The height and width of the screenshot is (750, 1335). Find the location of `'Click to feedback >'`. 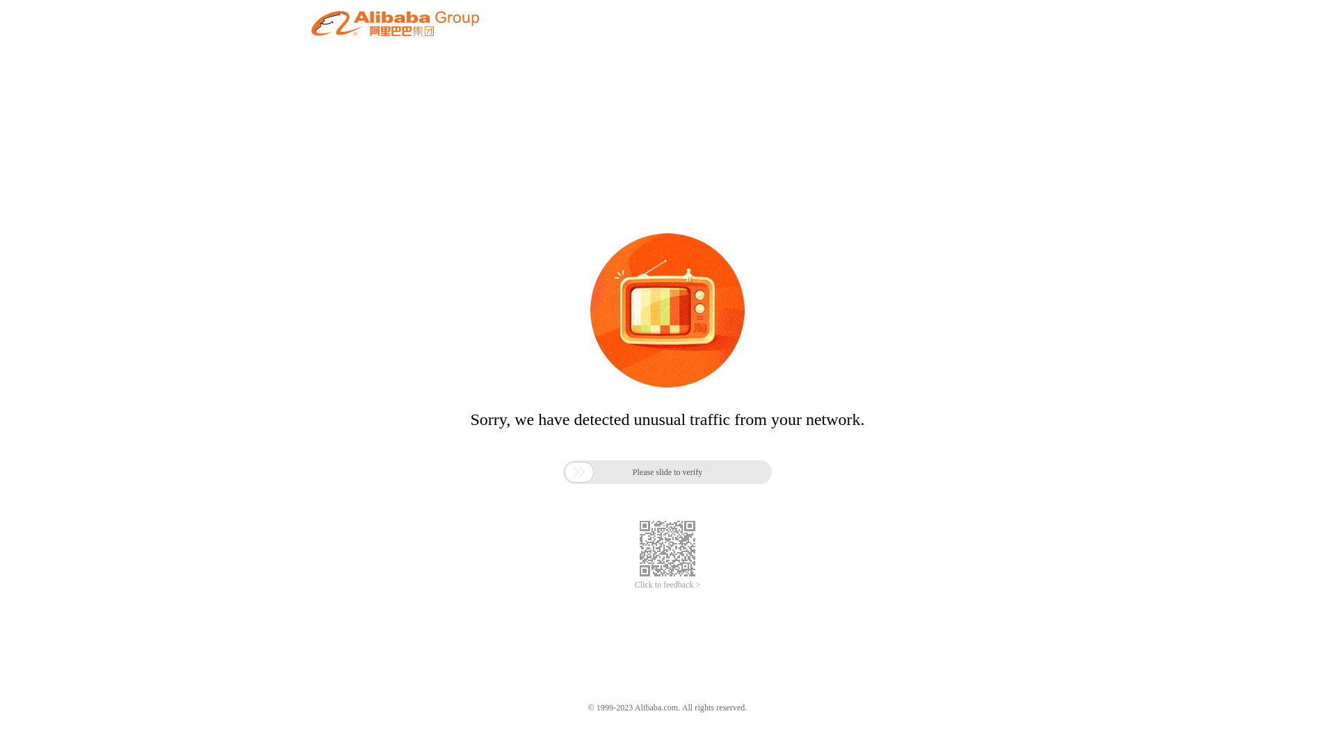

'Click to feedback >' is located at coordinates (667, 585).